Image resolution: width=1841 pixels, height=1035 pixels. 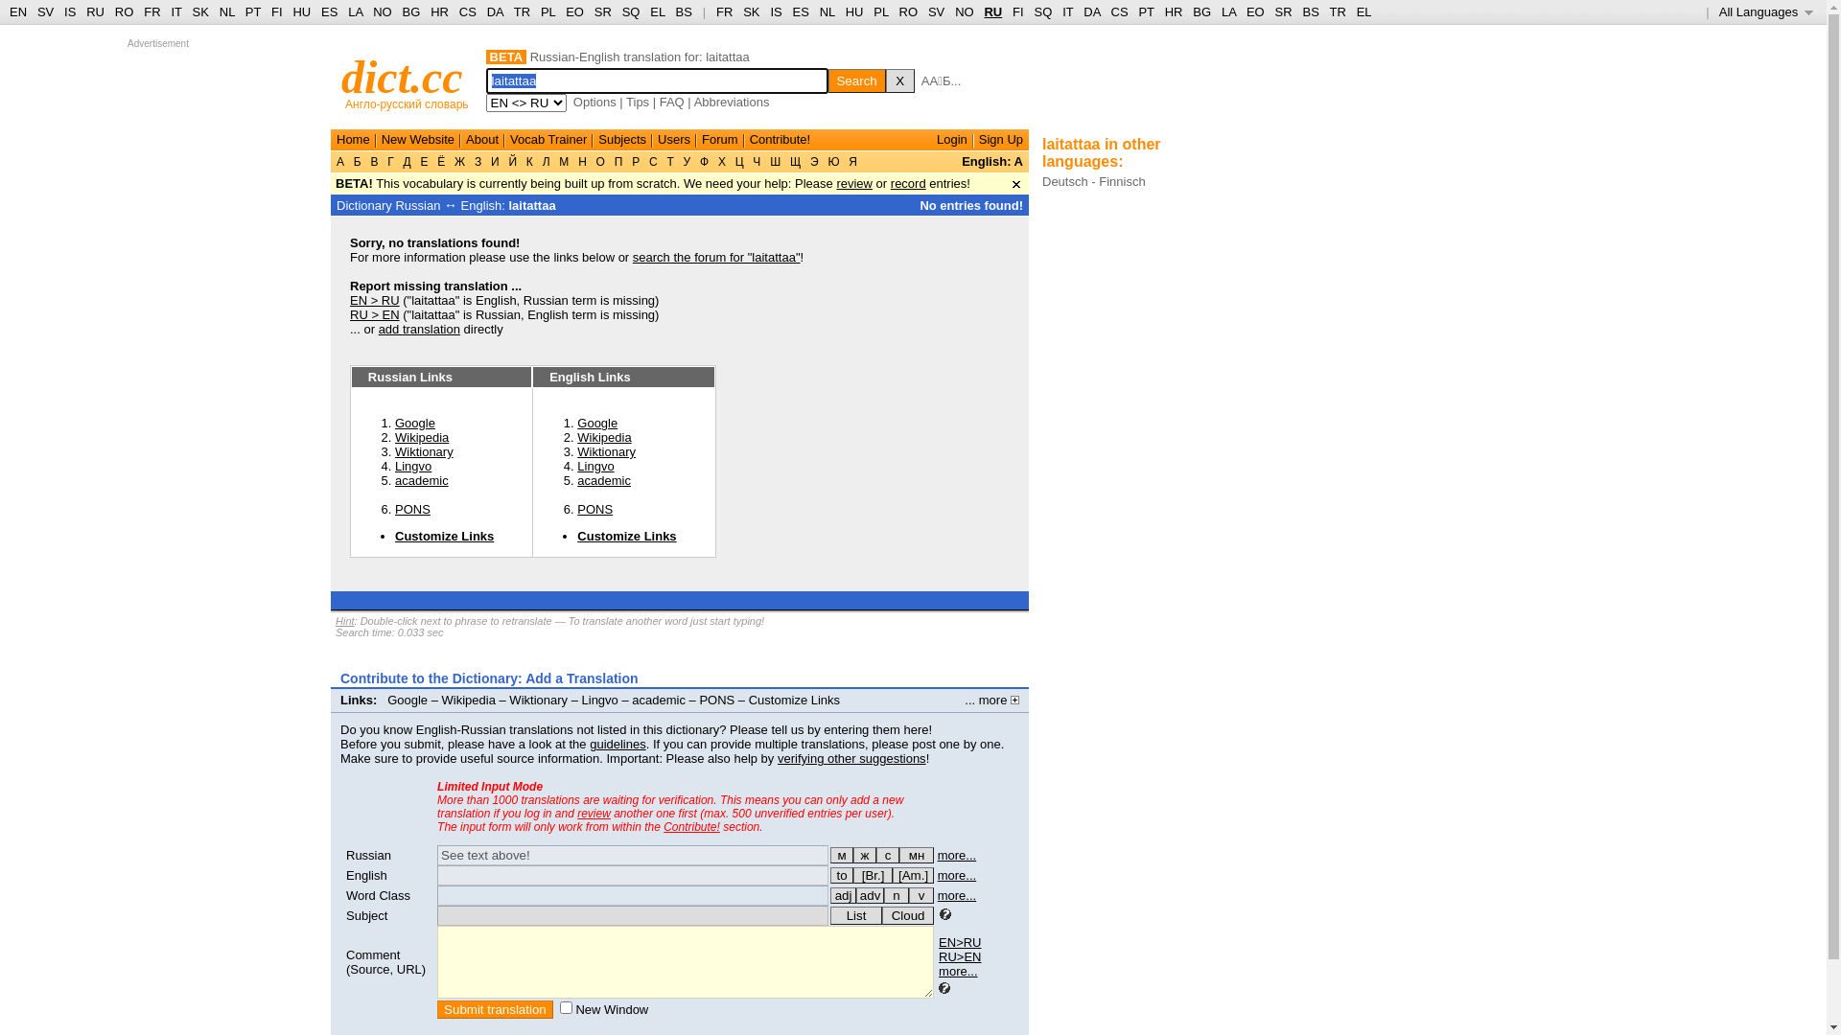 What do you see at coordinates (509, 700) in the screenshot?
I see `'Wiktionary'` at bounding box center [509, 700].